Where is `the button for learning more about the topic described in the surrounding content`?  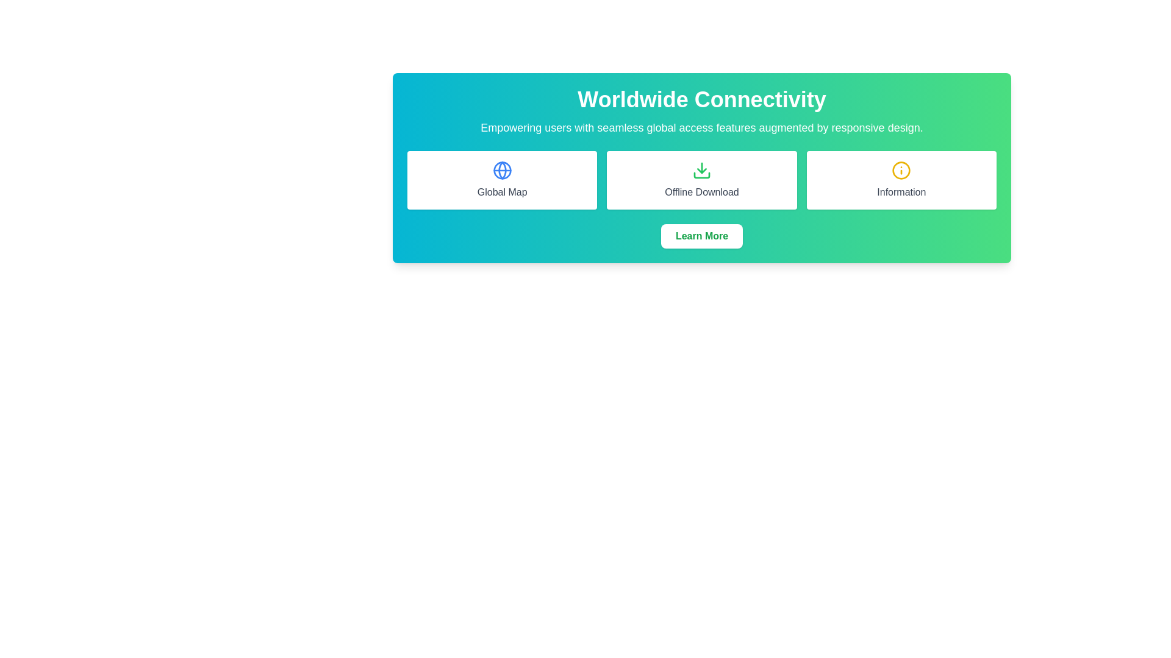 the button for learning more about the topic described in the surrounding content is located at coordinates (702, 236).